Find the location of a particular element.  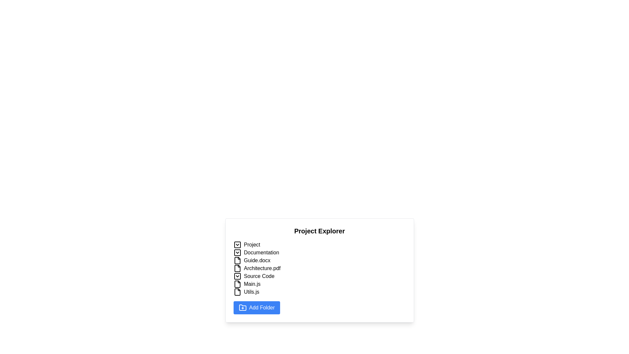

the file icon for 'Guide.docx' located in the 'Project Explorer' list is located at coordinates (237, 260).